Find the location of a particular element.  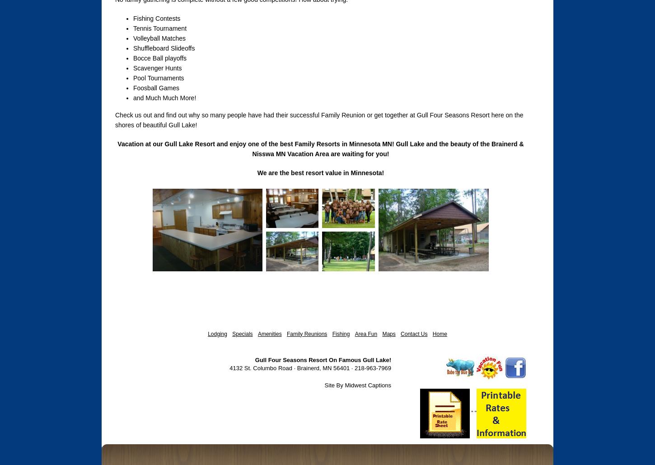

'Fishing Contests' is located at coordinates (156, 18).